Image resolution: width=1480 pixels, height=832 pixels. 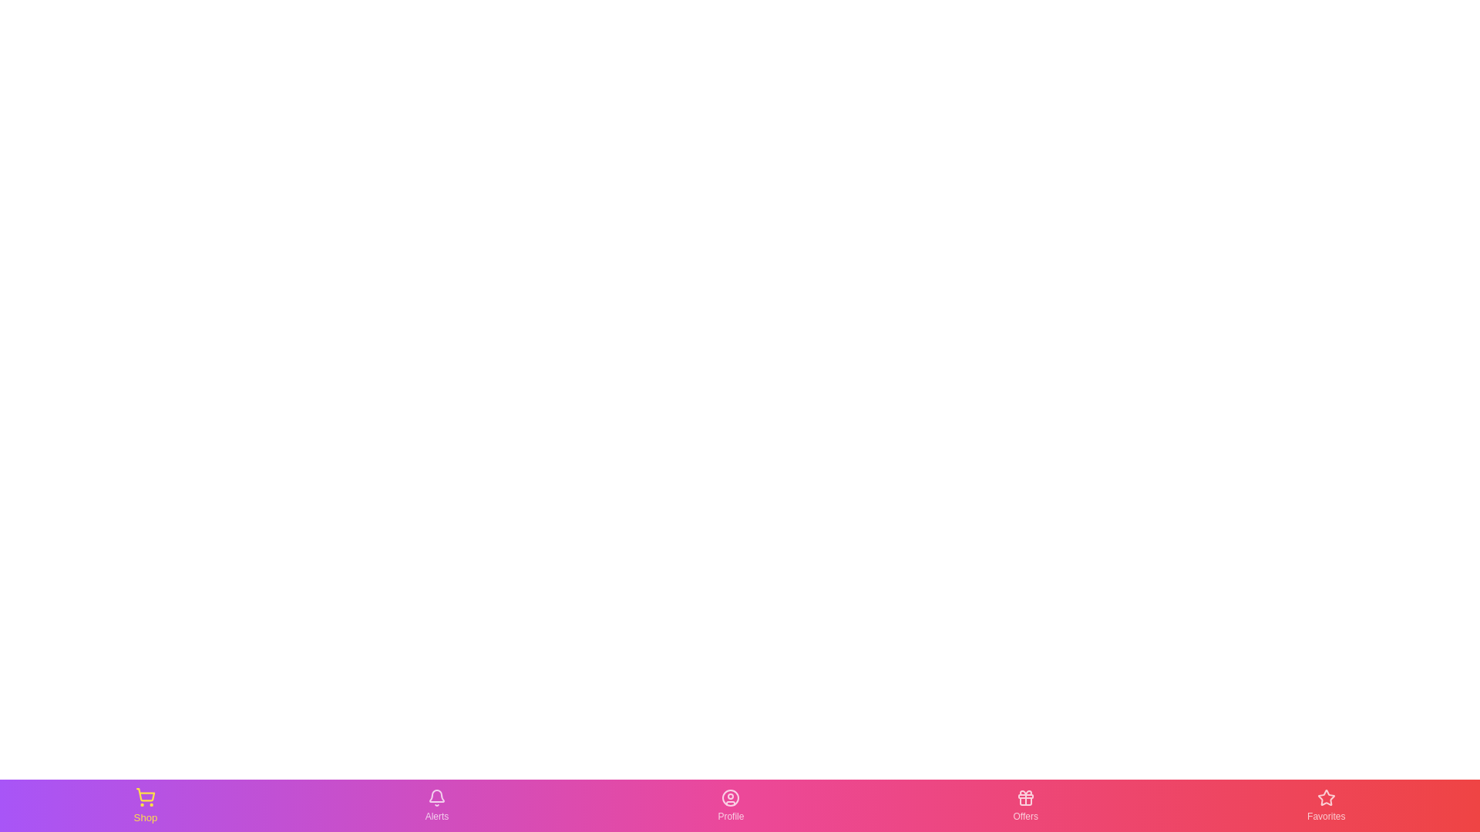 I want to click on the Alerts icon in the navigation bar, so click(x=436, y=804).